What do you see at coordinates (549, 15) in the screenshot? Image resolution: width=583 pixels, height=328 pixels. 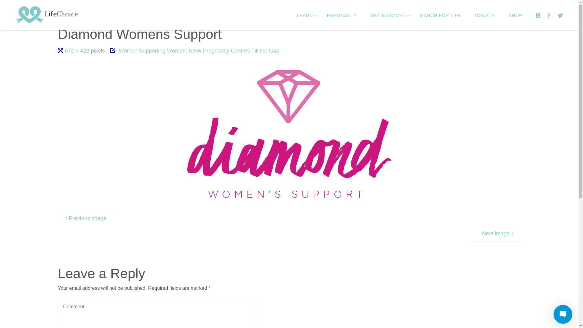 I see `'Facebook'` at bounding box center [549, 15].